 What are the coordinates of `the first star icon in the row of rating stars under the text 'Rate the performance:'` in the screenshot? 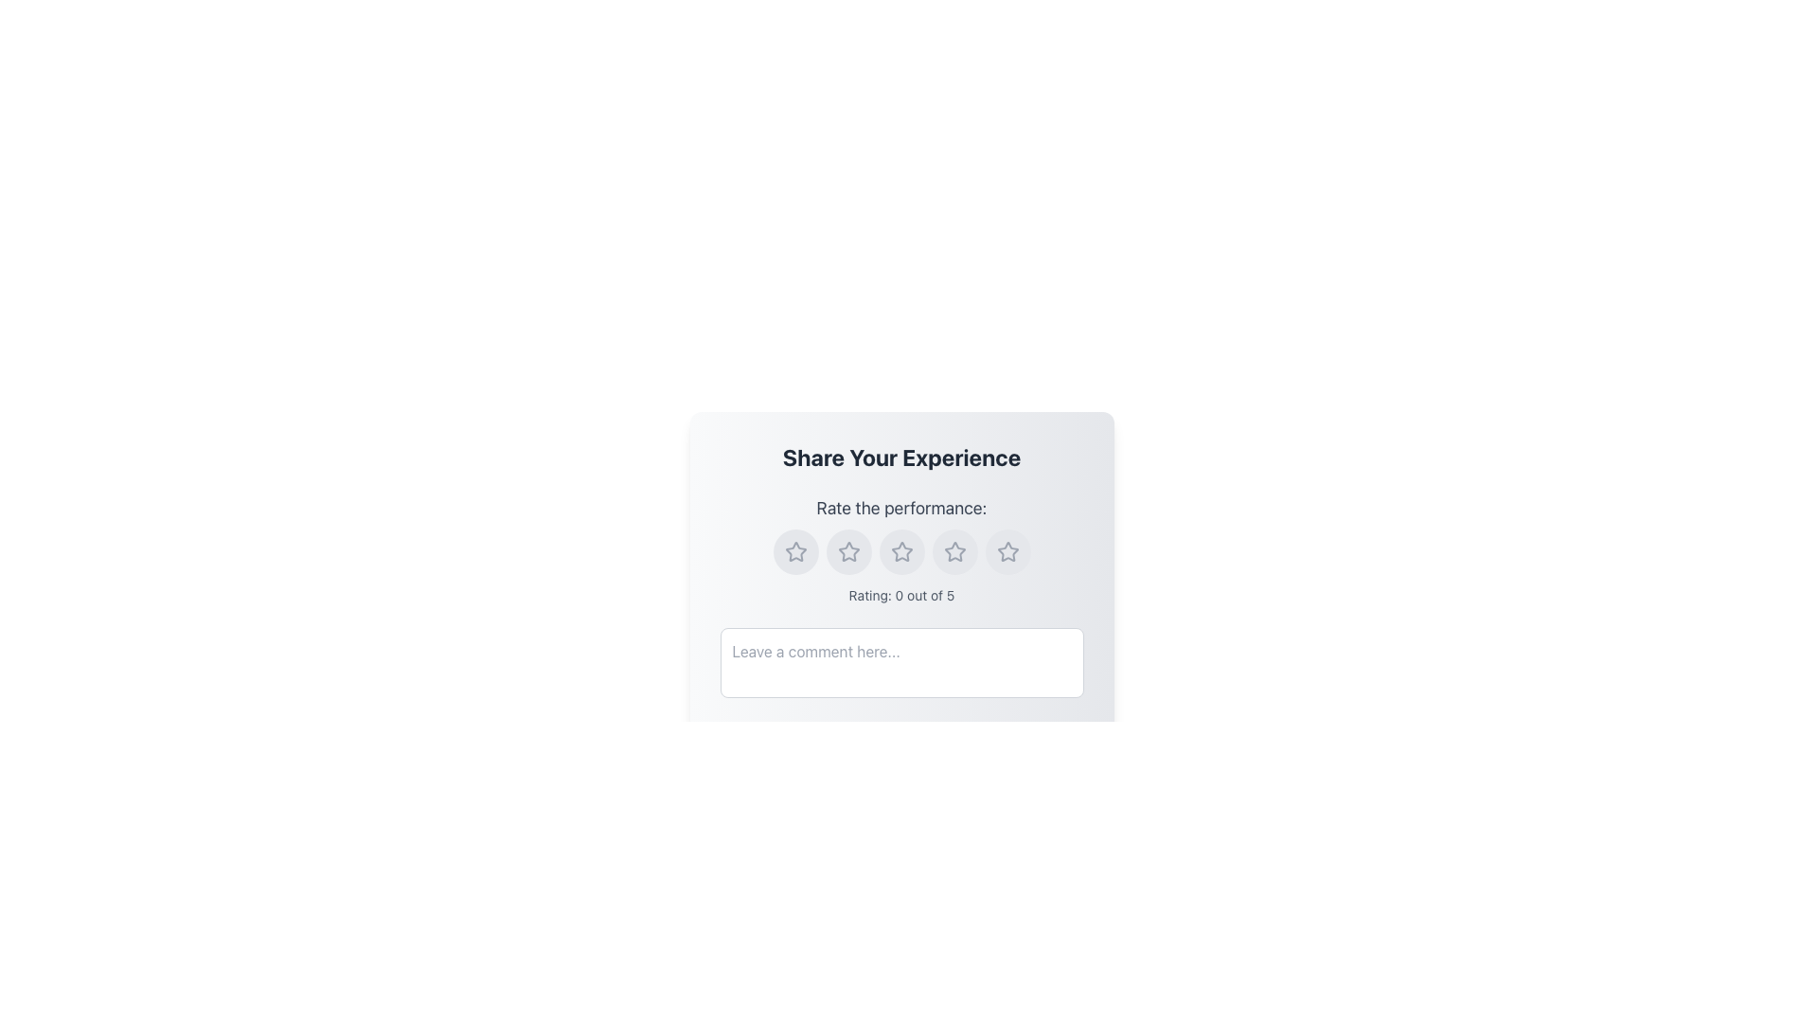 It's located at (795, 551).